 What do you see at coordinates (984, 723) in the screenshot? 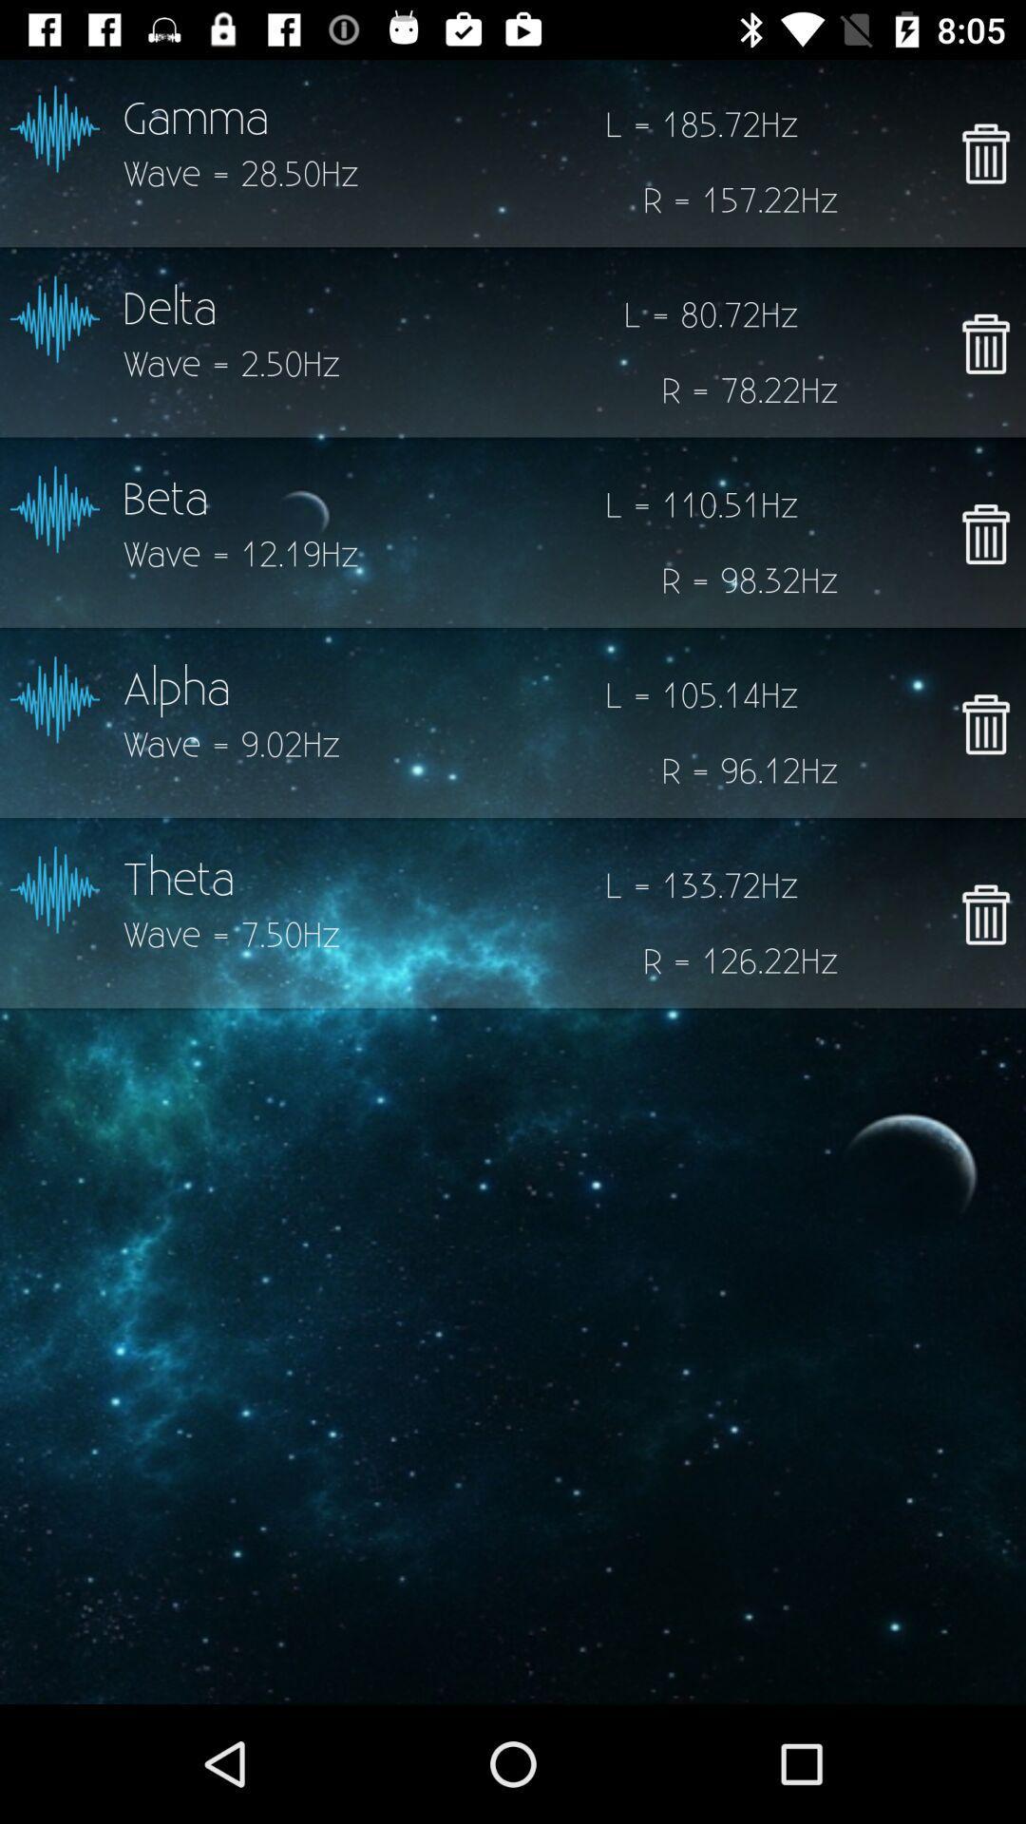
I see `deleted` at bounding box center [984, 723].